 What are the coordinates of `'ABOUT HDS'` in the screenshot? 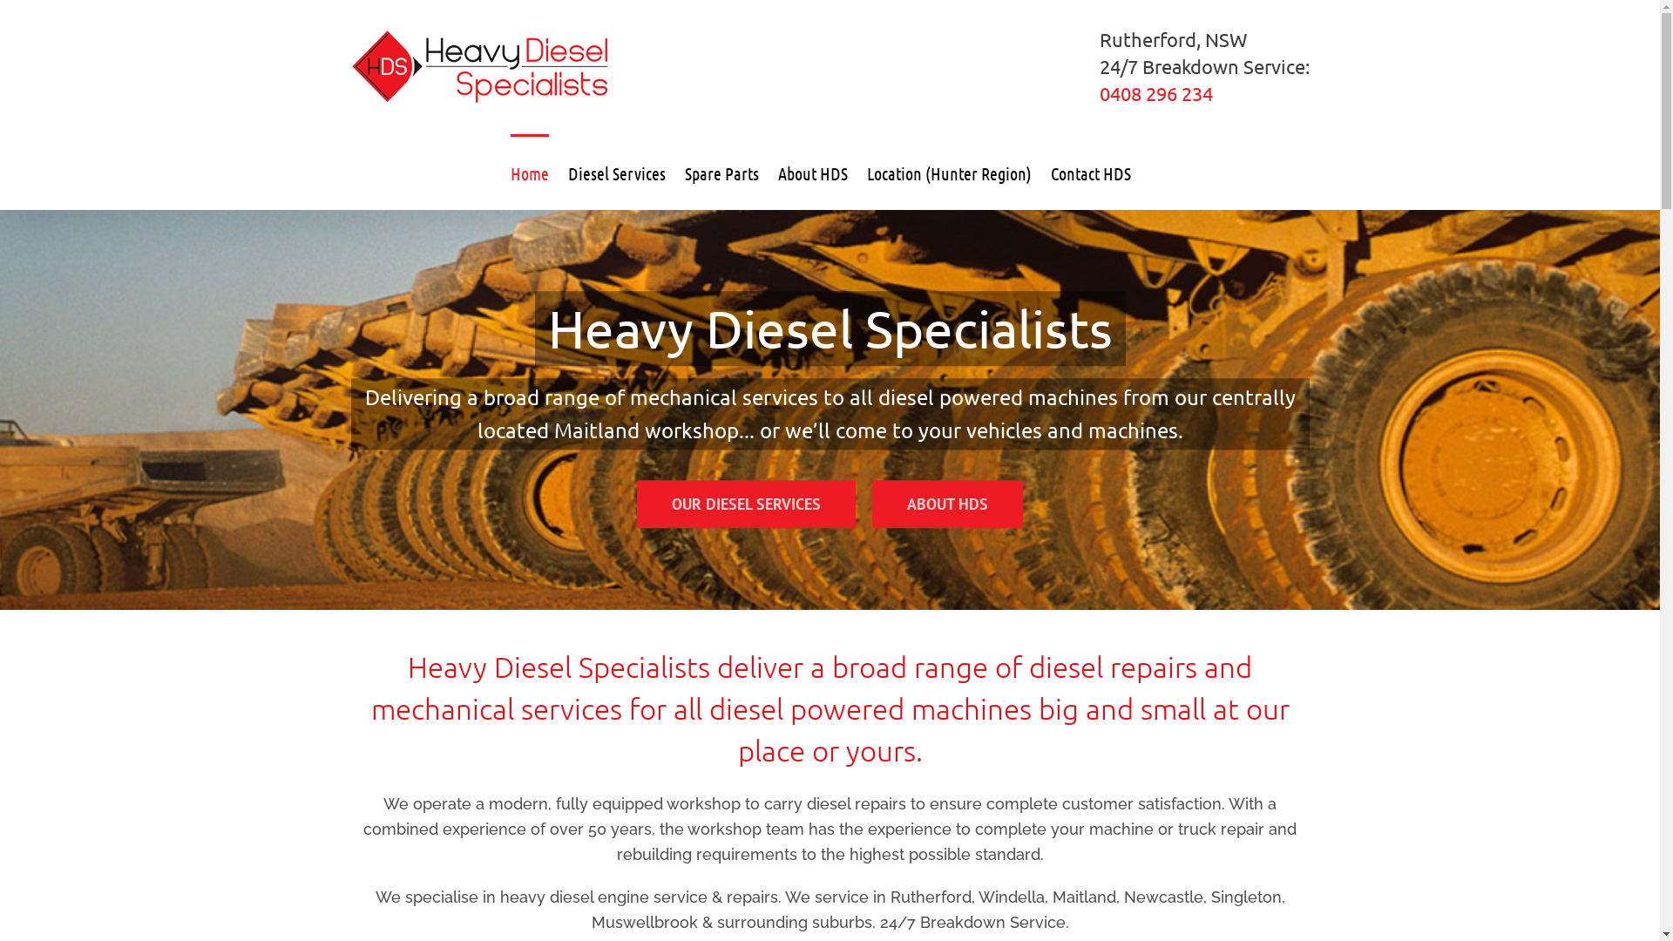 It's located at (946, 504).